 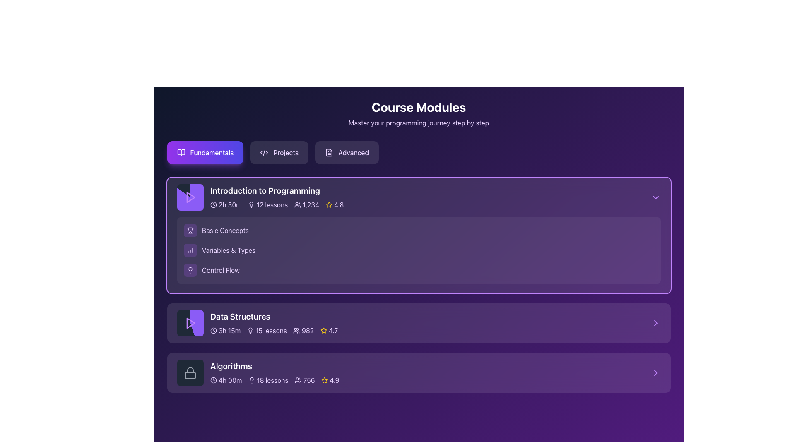 What do you see at coordinates (213, 330) in the screenshot?
I see `the graphical vector element representing the clock's circular boundary within the 'Data Structures' section` at bounding box center [213, 330].